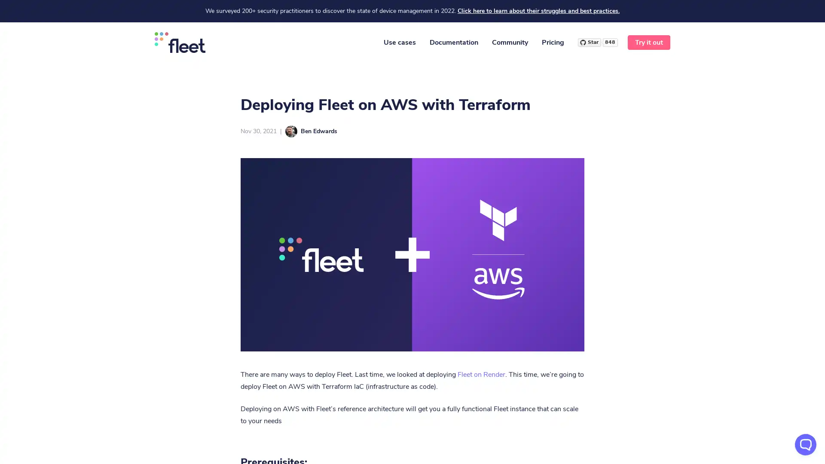 The image size is (825, 464). Describe the element at coordinates (805, 444) in the screenshot. I see `Open chat widget` at that location.